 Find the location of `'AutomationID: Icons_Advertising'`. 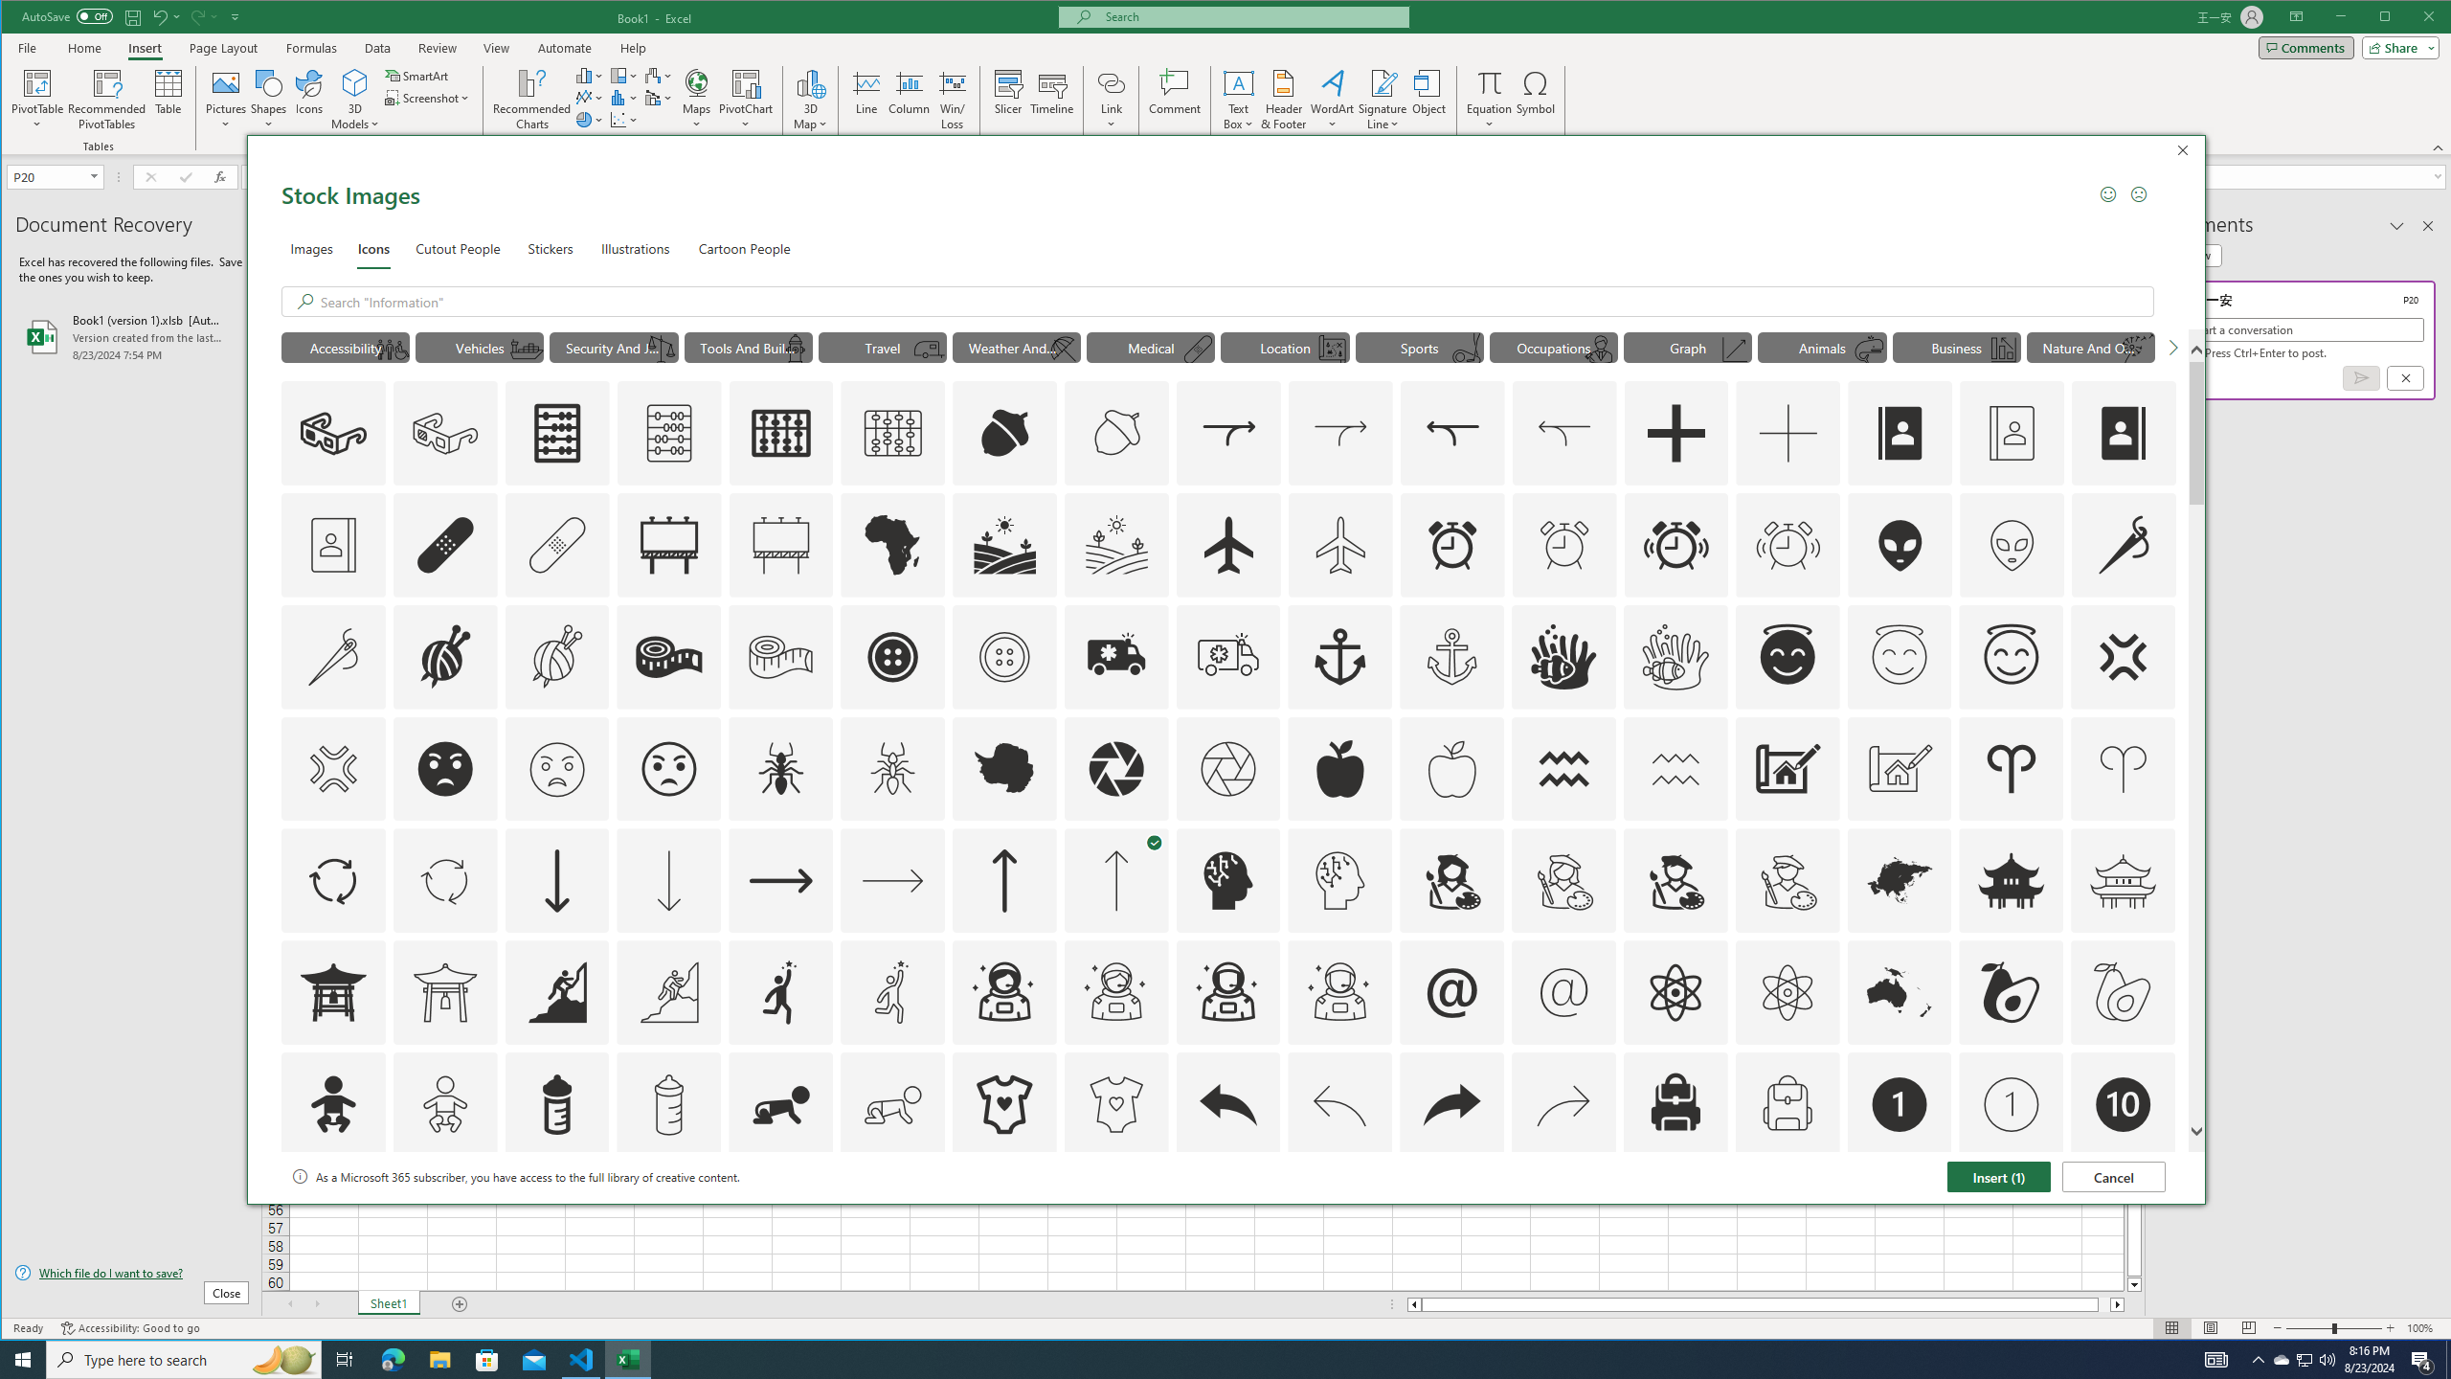

'AutomationID: Icons_Advertising' is located at coordinates (667, 543).